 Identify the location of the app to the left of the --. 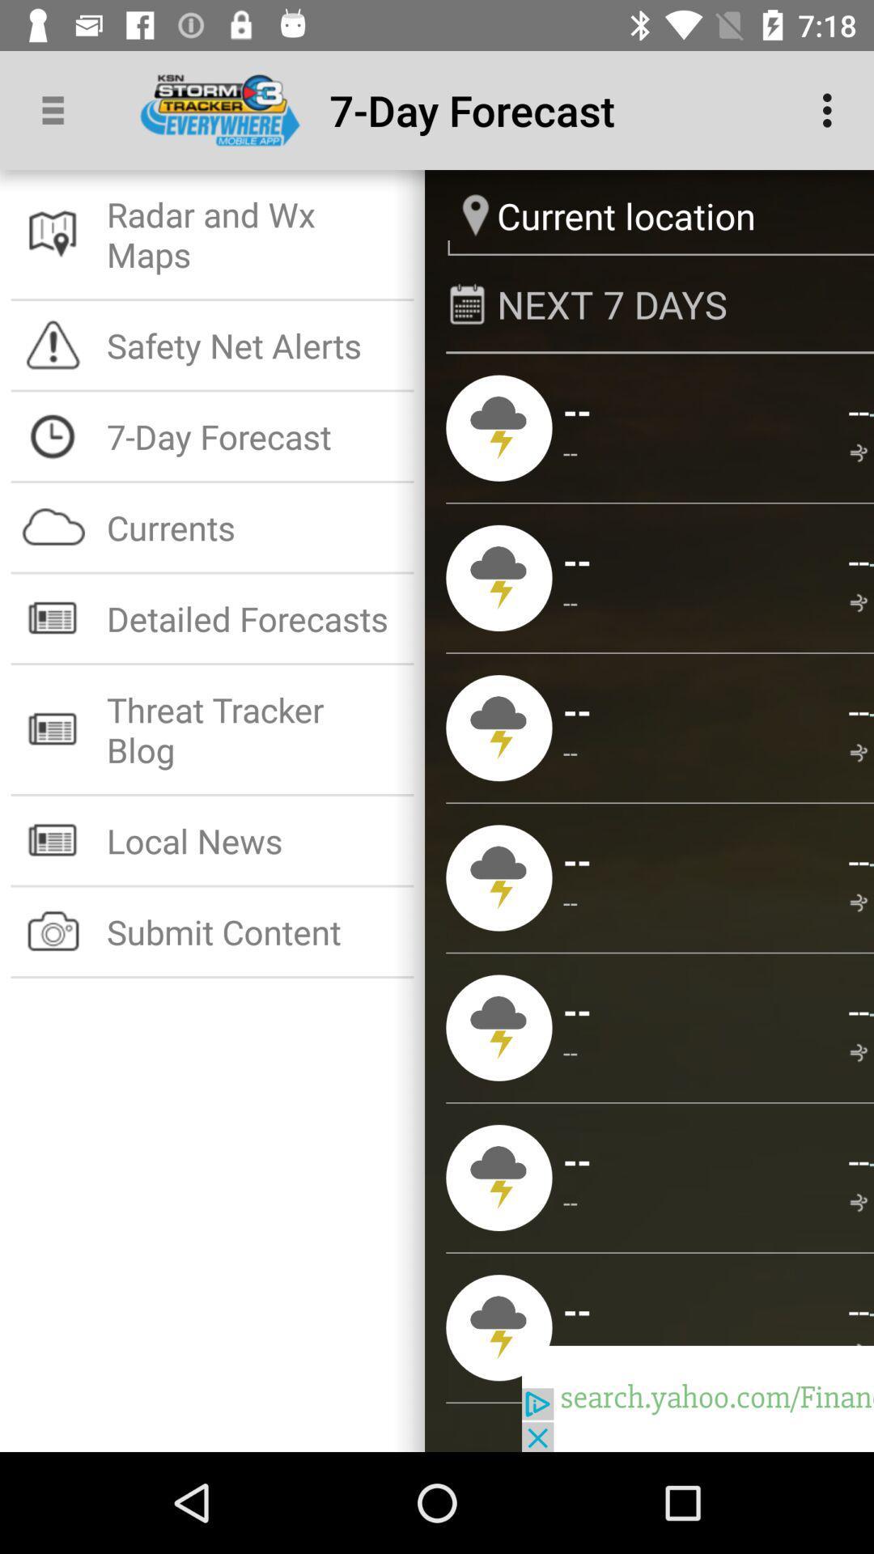
(570, 901).